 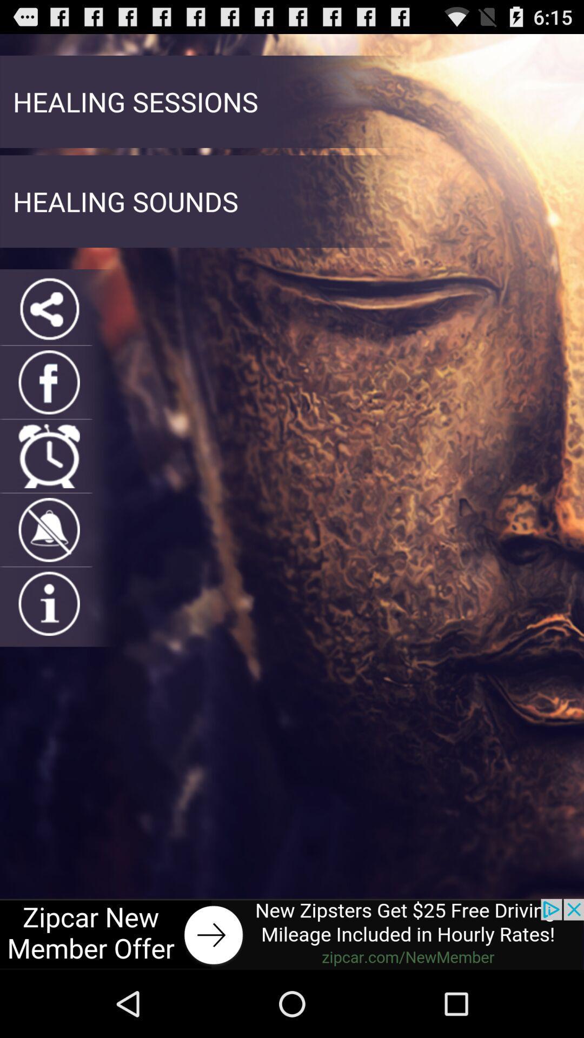 What do you see at coordinates (49, 382) in the screenshot?
I see `faebook` at bounding box center [49, 382].